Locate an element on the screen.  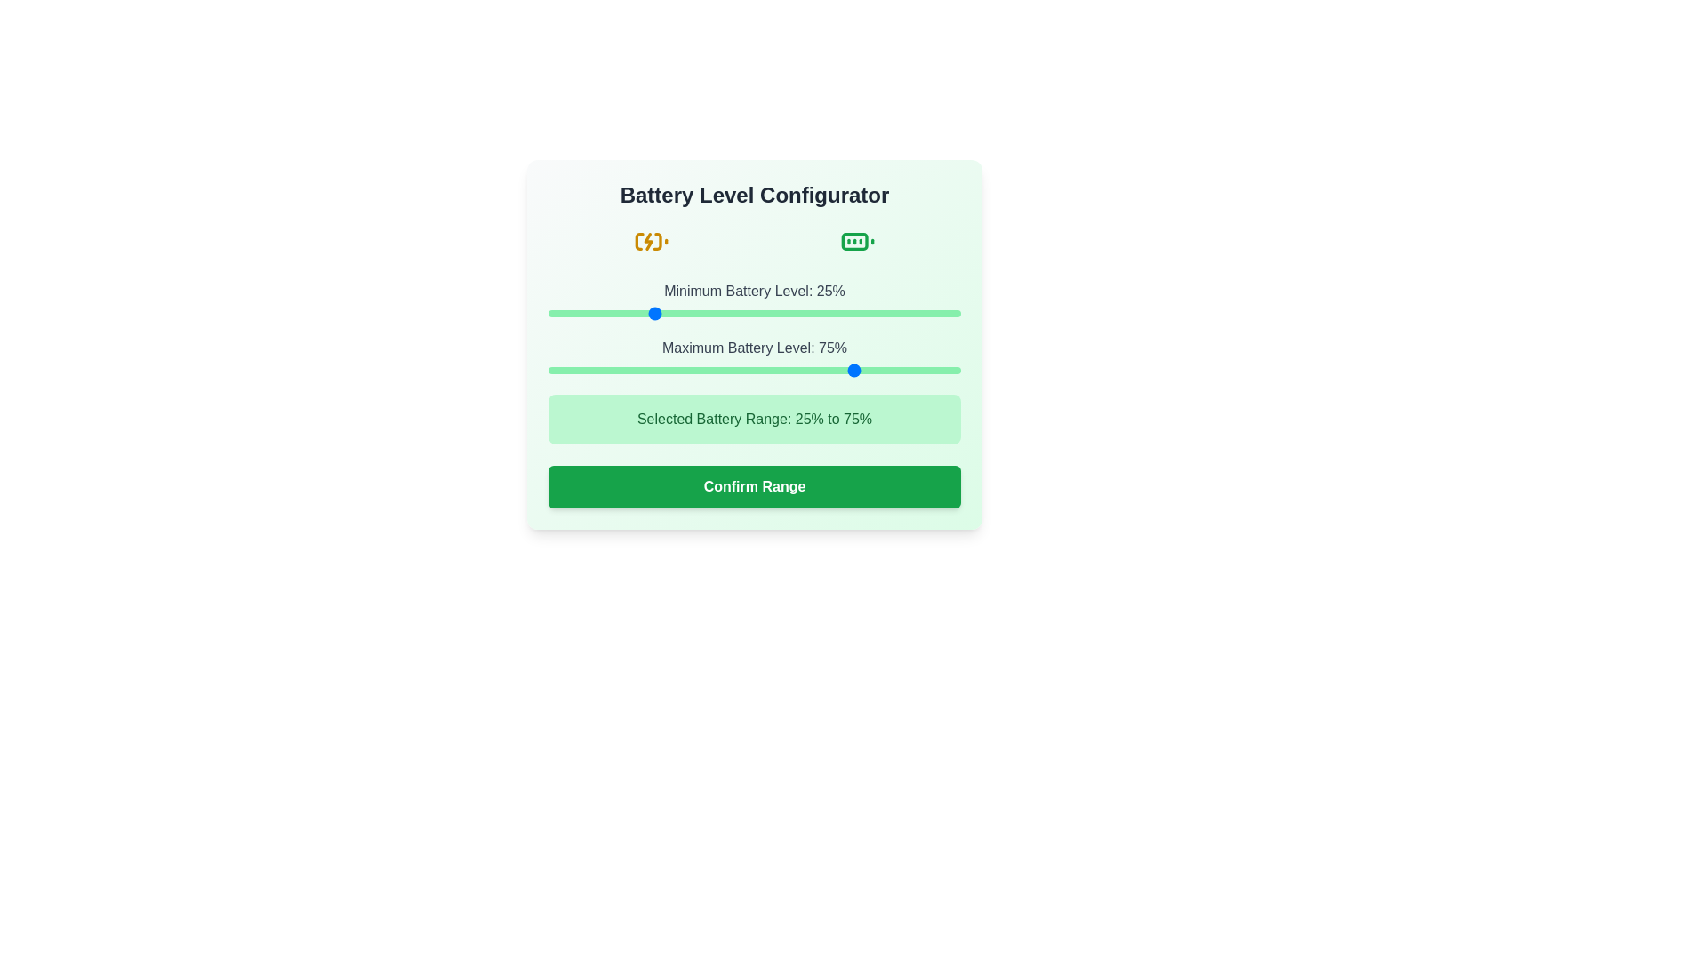
the minimum battery level is located at coordinates (782, 313).